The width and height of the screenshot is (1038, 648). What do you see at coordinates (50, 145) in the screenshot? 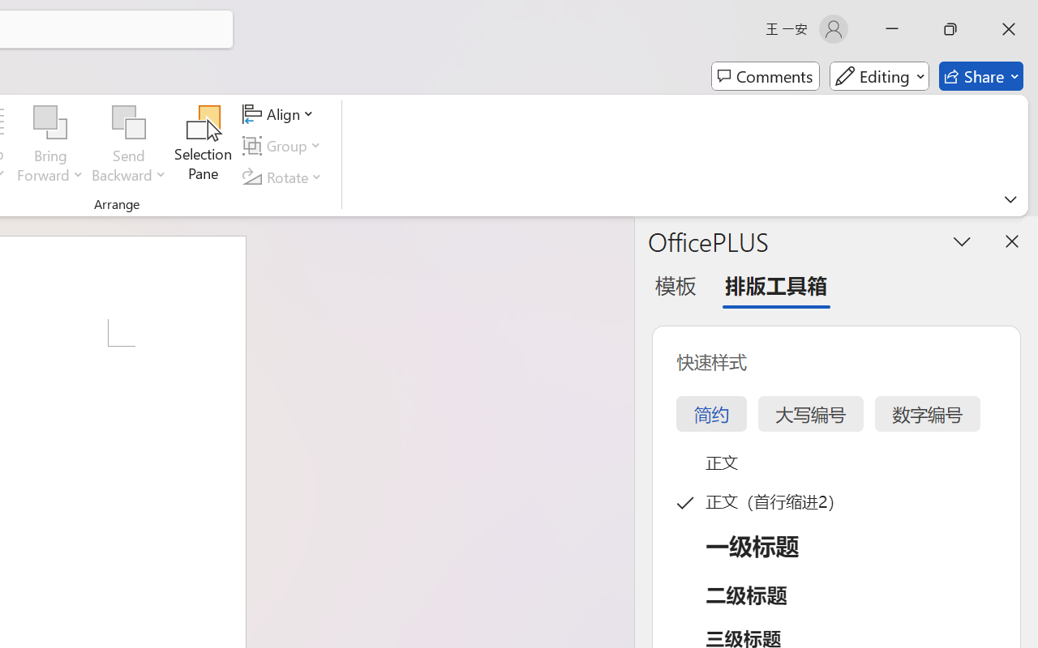
I see `'Bring Forward'` at bounding box center [50, 145].